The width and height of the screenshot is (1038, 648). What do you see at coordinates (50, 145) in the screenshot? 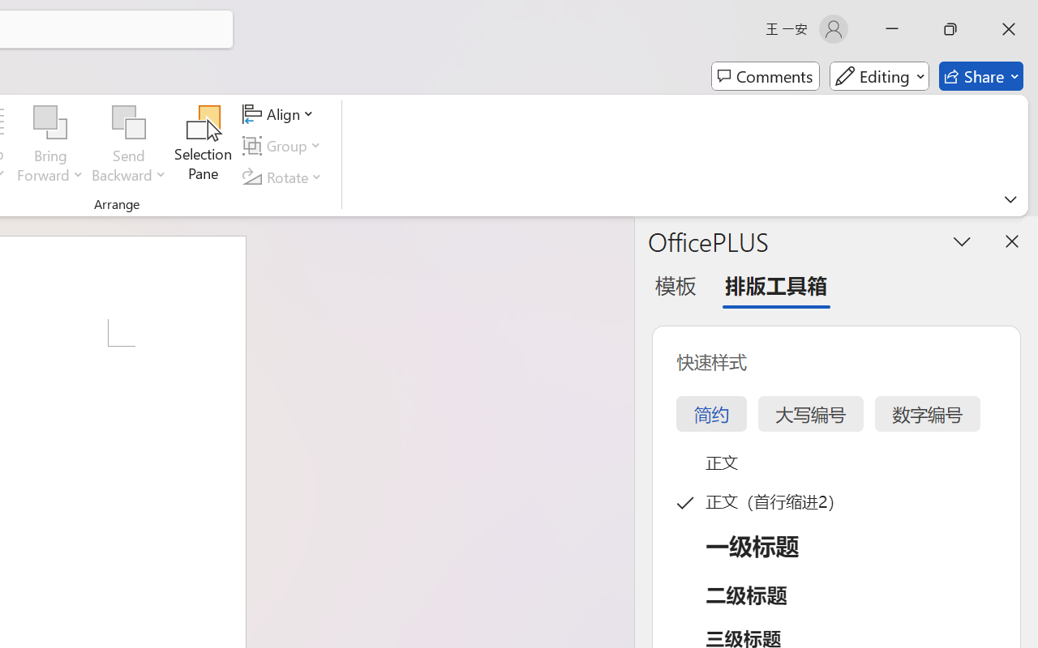
I see `'Bring Forward'` at bounding box center [50, 145].